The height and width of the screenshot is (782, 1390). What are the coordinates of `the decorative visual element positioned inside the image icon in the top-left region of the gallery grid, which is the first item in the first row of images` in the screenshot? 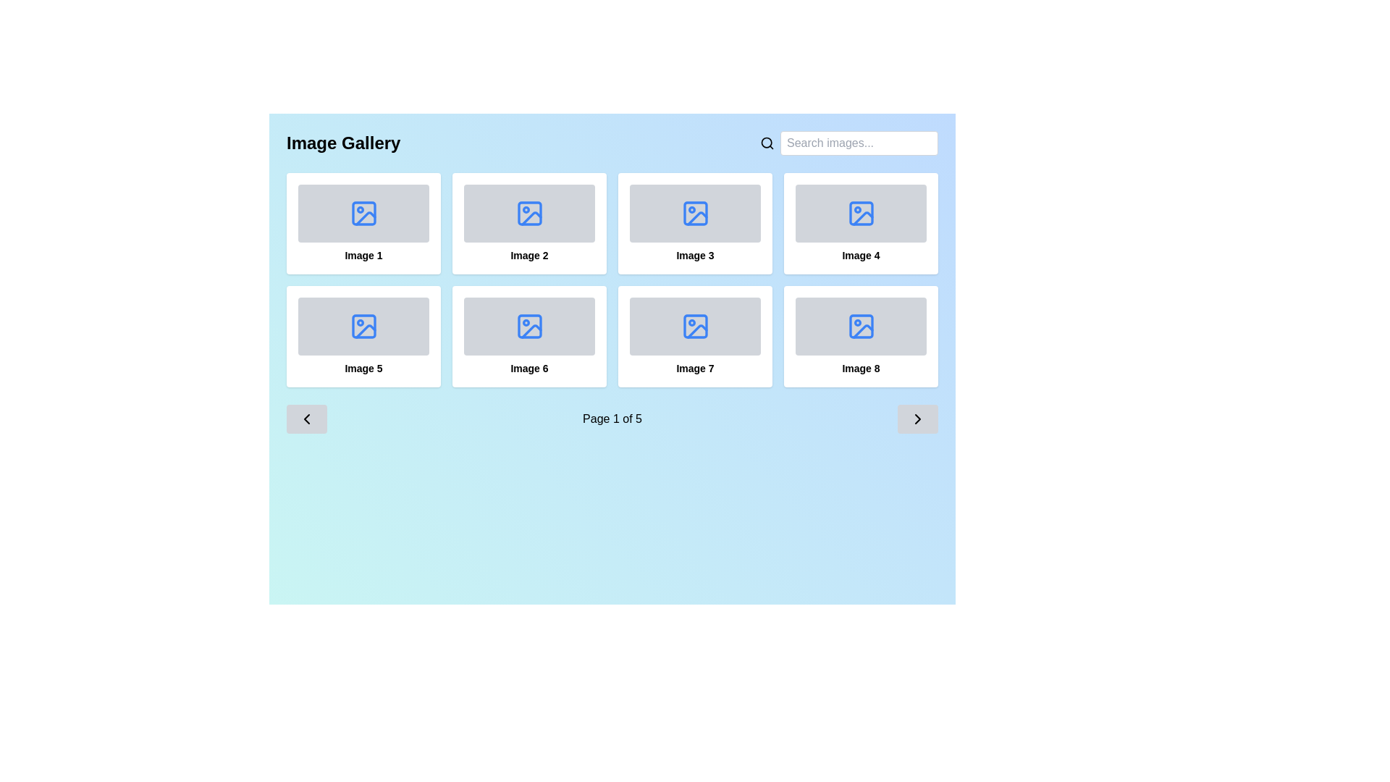 It's located at (363, 213).